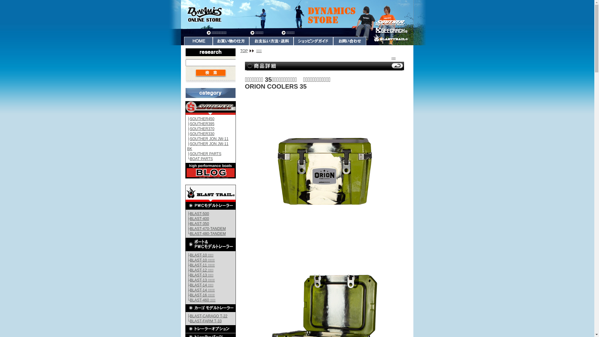 The height and width of the screenshot is (337, 599). I want to click on 'BLAST-500', so click(199, 213).